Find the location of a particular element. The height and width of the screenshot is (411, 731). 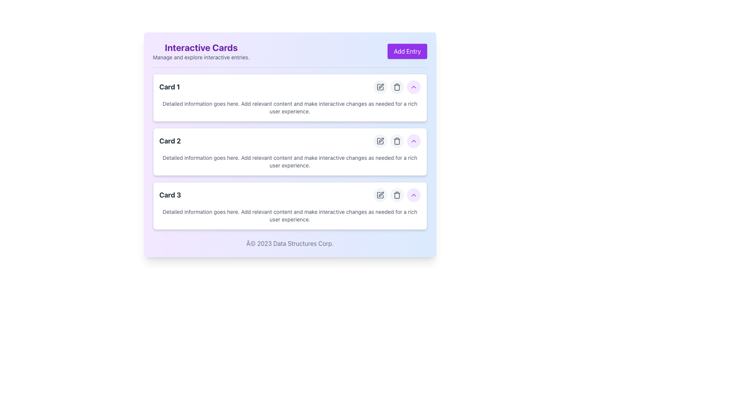

the delete button represented by the trash can icon, which is the second icon in the horizontal sequence of three icons on the right end of the row labeled 'Card 1' is located at coordinates (396, 86).